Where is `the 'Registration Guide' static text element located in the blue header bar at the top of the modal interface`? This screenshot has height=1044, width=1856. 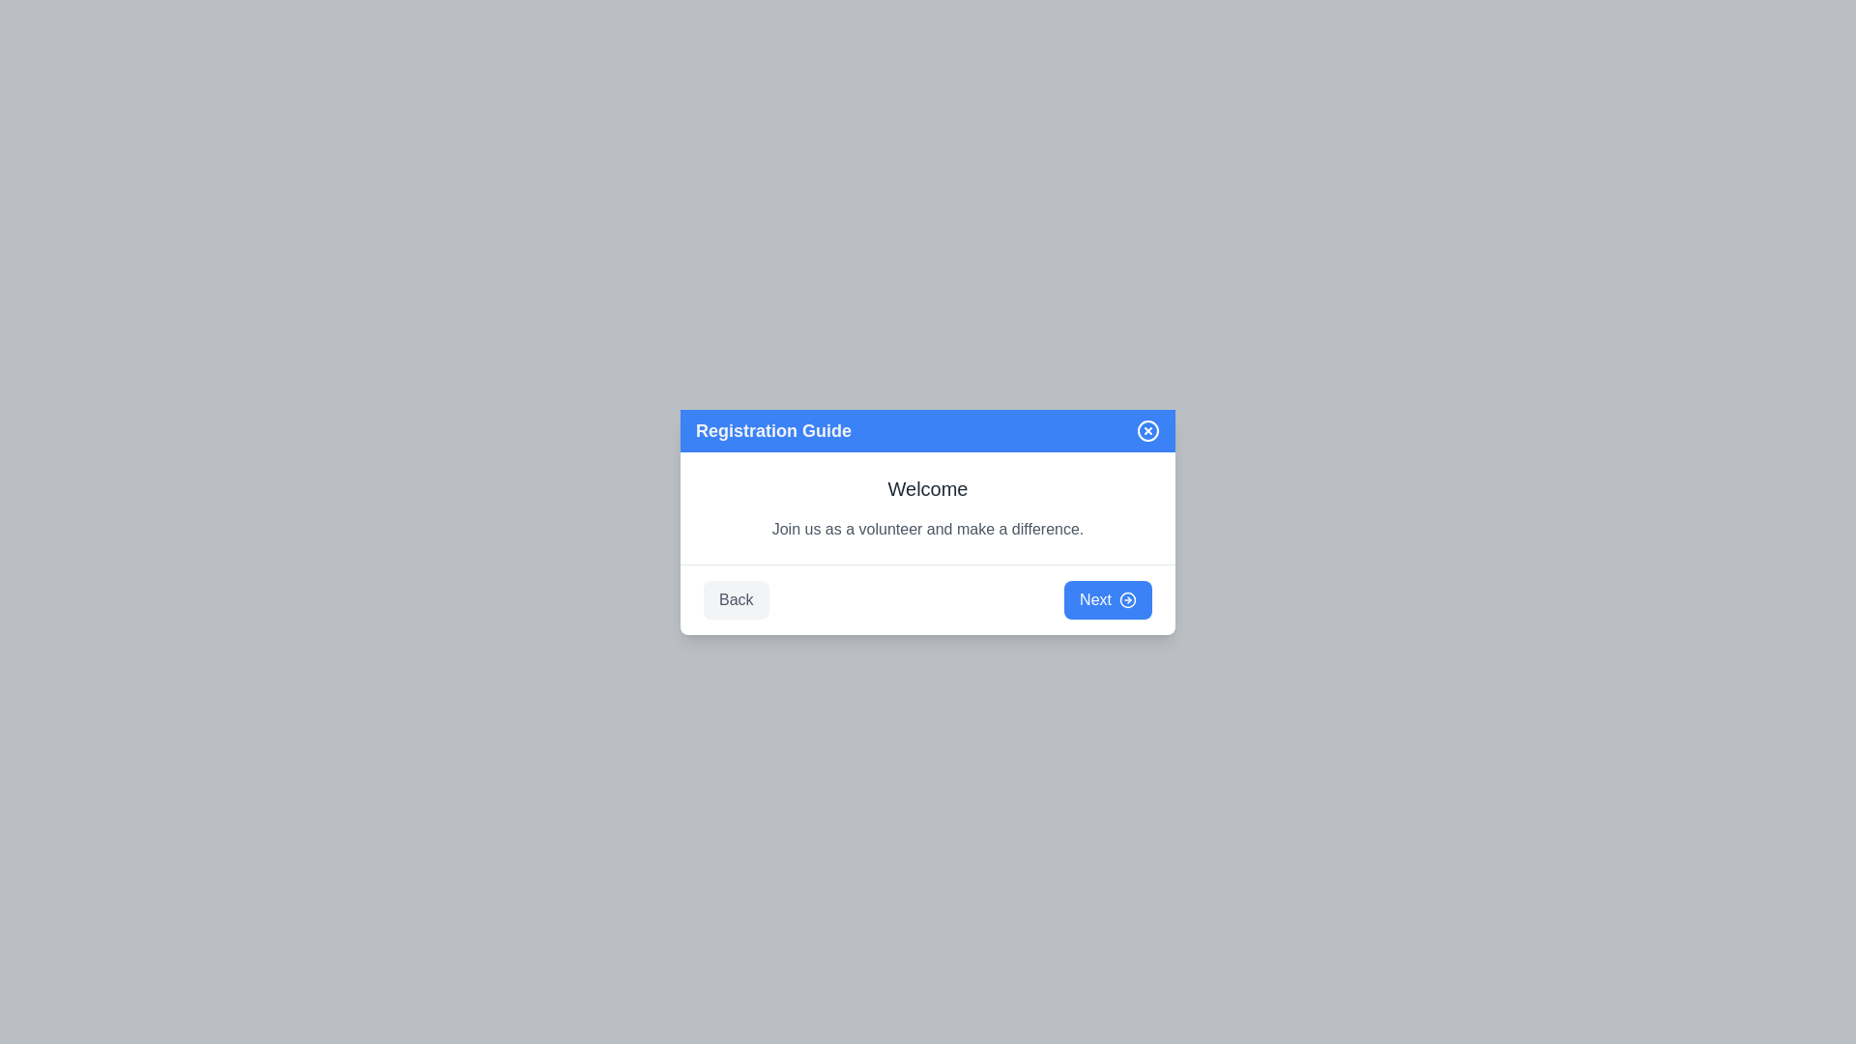
the 'Registration Guide' static text element located in the blue header bar at the top of the modal interface is located at coordinates (773, 429).